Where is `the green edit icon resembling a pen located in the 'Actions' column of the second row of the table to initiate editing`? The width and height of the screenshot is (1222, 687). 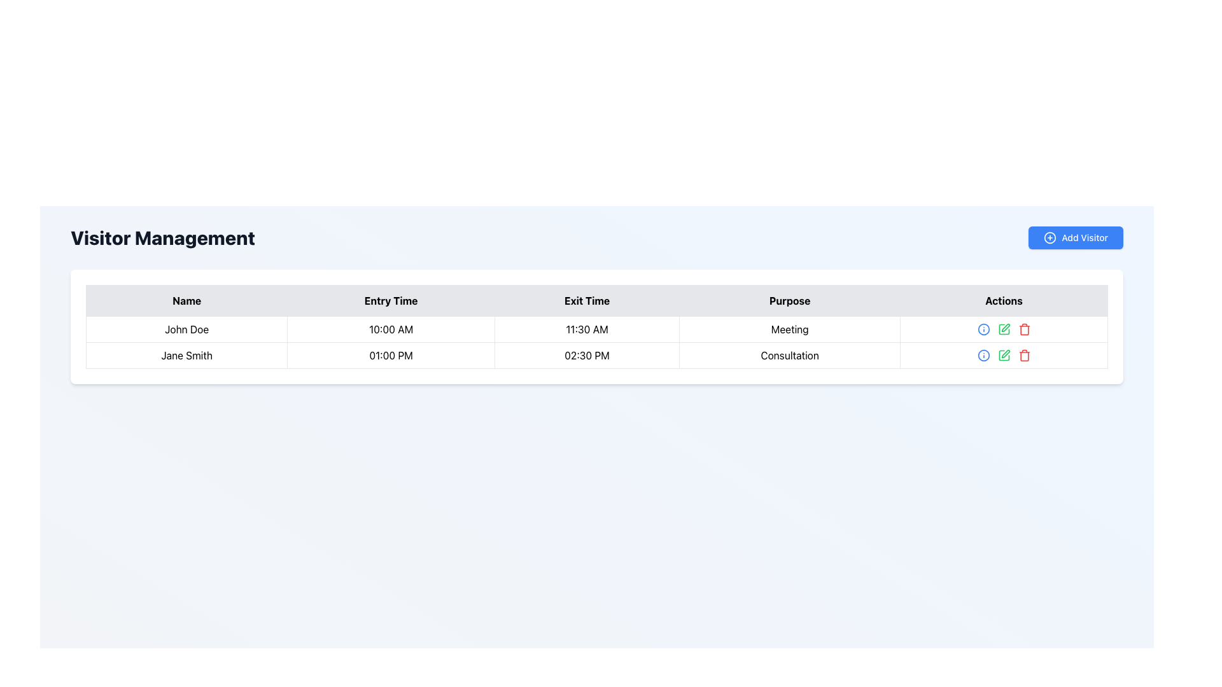 the green edit icon resembling a pen located in the 'Actions' column of the second row of the table to initiate editing is located at coordinates (1003, 356).